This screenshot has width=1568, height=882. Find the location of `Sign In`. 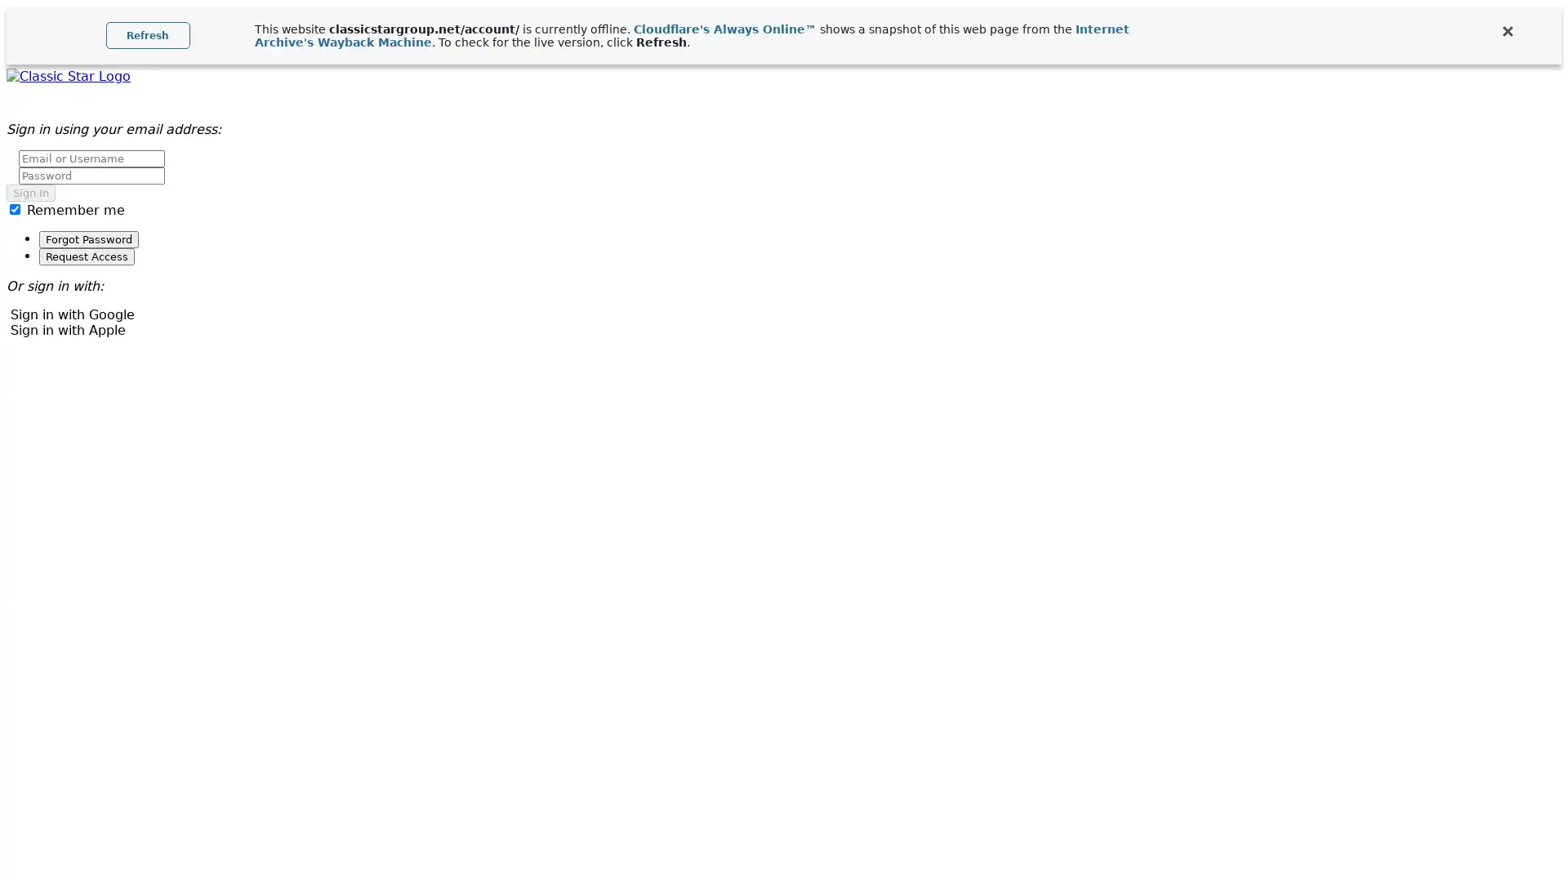

Sign In is located at coordinates (31, 192).